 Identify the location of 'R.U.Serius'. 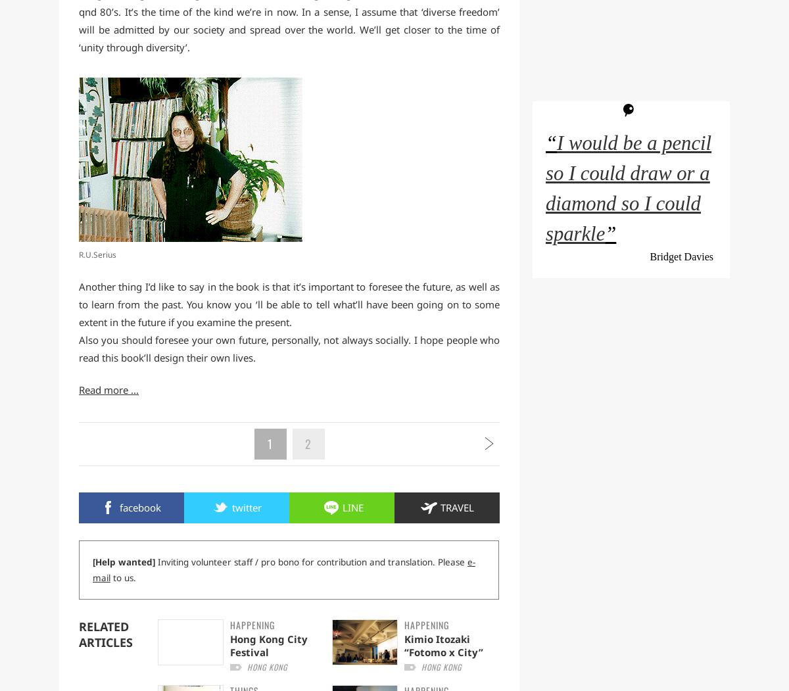
(97, 254).